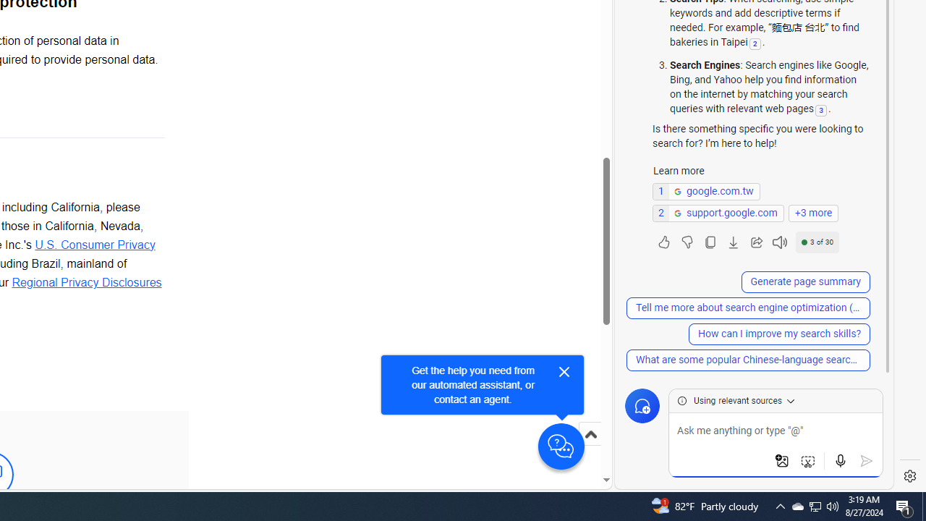 This screenshot has height=521, width=926. What do you see at coordinates (590, 433) in the screenshot?
I see `'Scroll to top'` at bounding box center [590, 433].